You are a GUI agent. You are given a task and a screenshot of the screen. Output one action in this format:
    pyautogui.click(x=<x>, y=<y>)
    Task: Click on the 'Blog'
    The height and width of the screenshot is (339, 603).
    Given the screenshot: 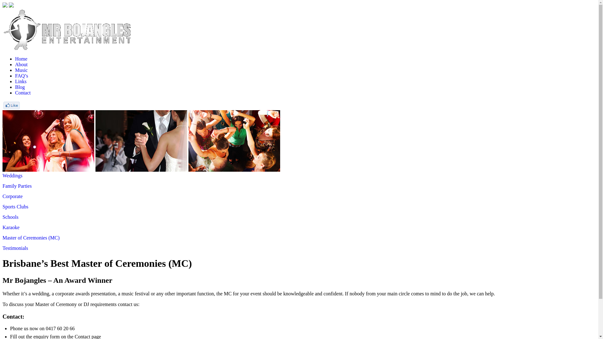 What is the action you would take?
    pyautogui.click(x=20, y=87)
    